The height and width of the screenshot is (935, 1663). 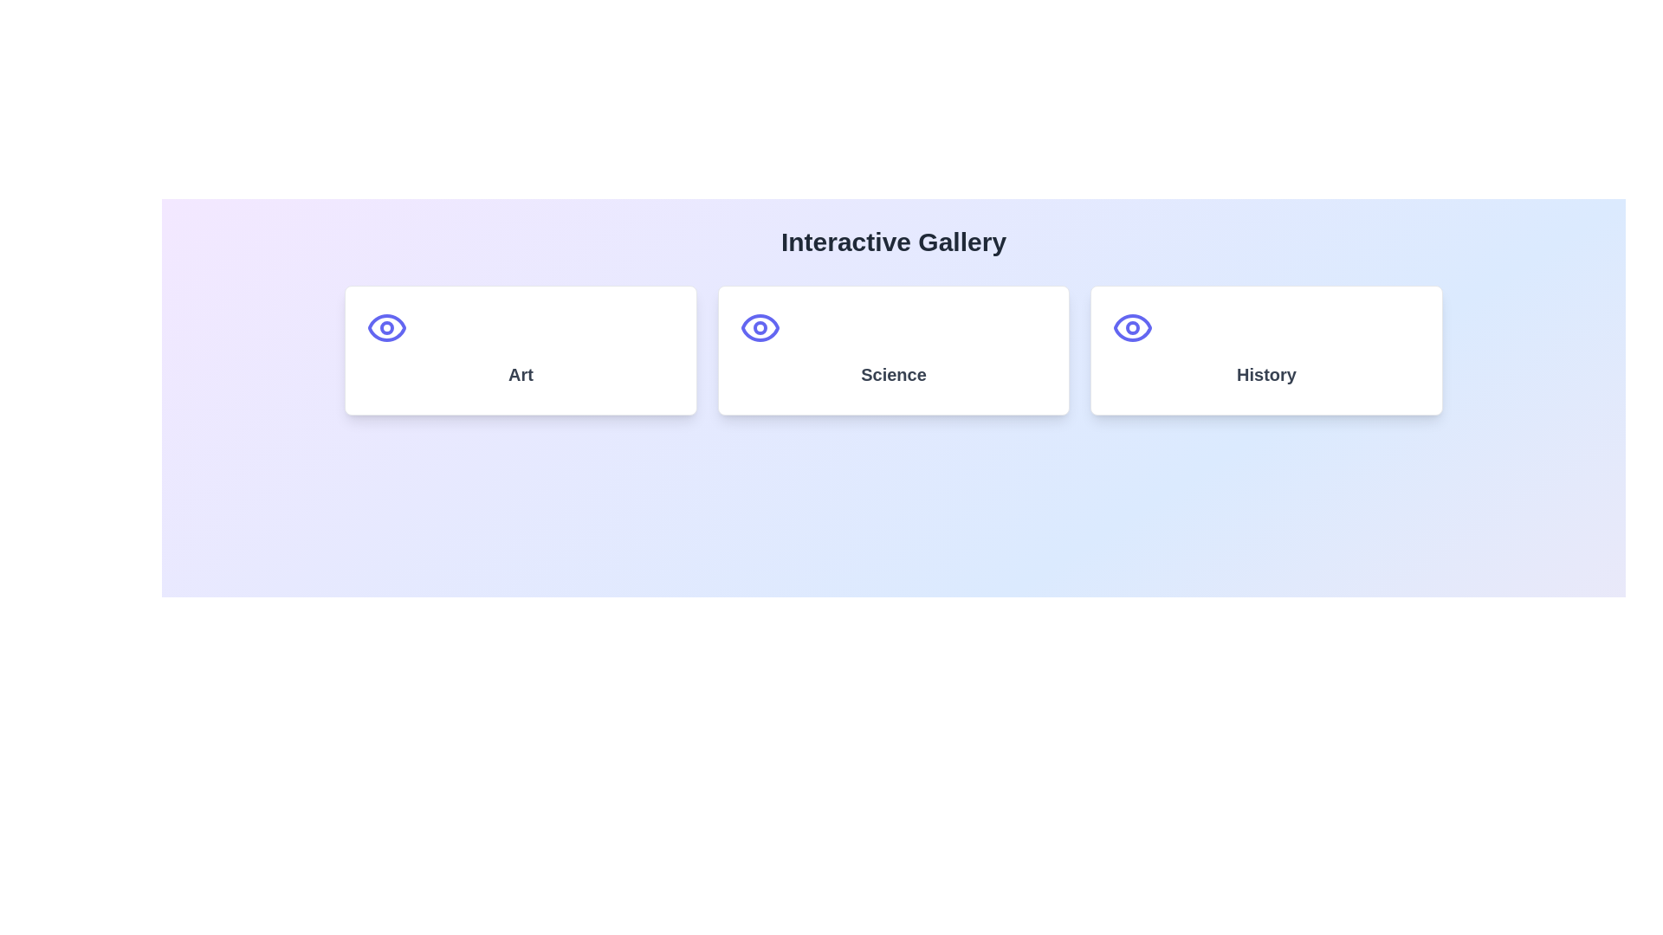 What do you see at coordinates (894, 242) in the screenshot?
I see `the prominently styled heading 'Interactive Gallery', which is a large, bold text in dark gray color, centered above the grid of cards labeled 'Art', 'Science', and 'History'` at bounding box center [894, 242].